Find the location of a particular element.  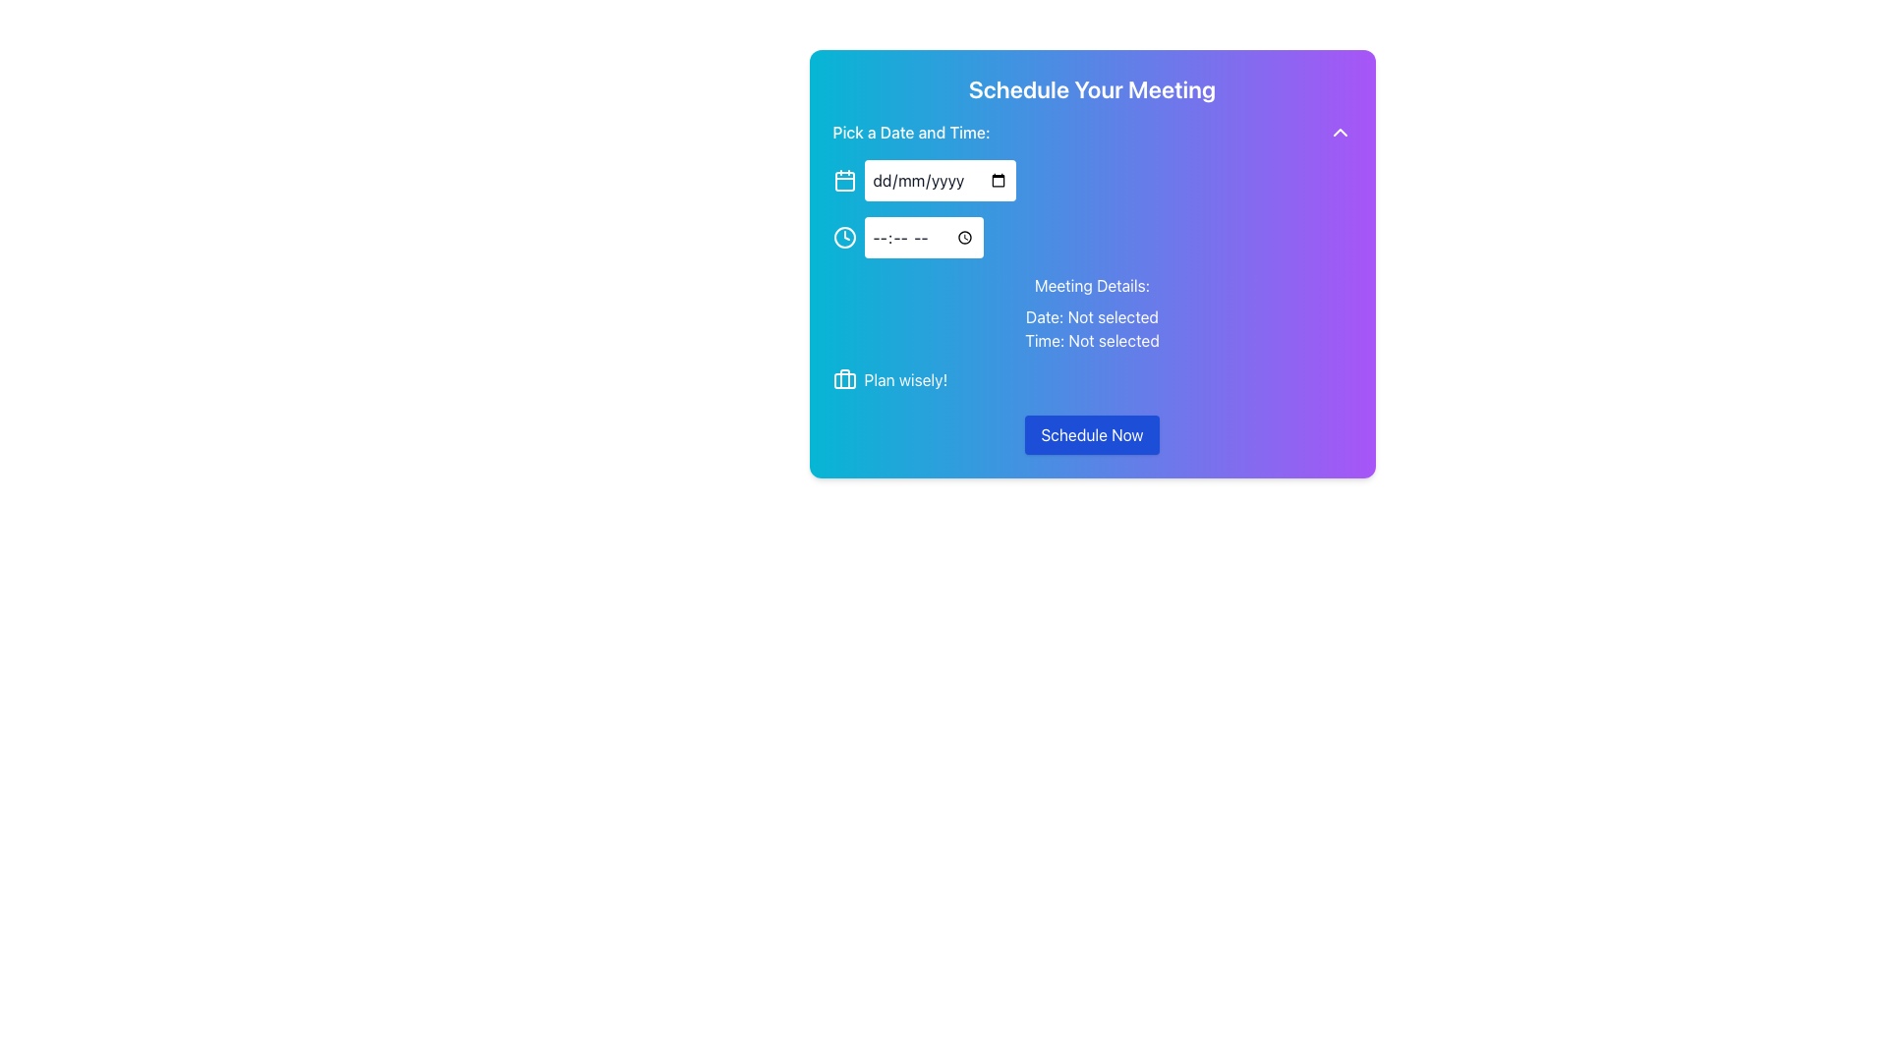

the vertical decorative line of the briefcase icon within the SVG element, which is part of the 'lucide-briefcase' class and located left of the text 'Plan wisely!' is located at coordinates (844, 378).